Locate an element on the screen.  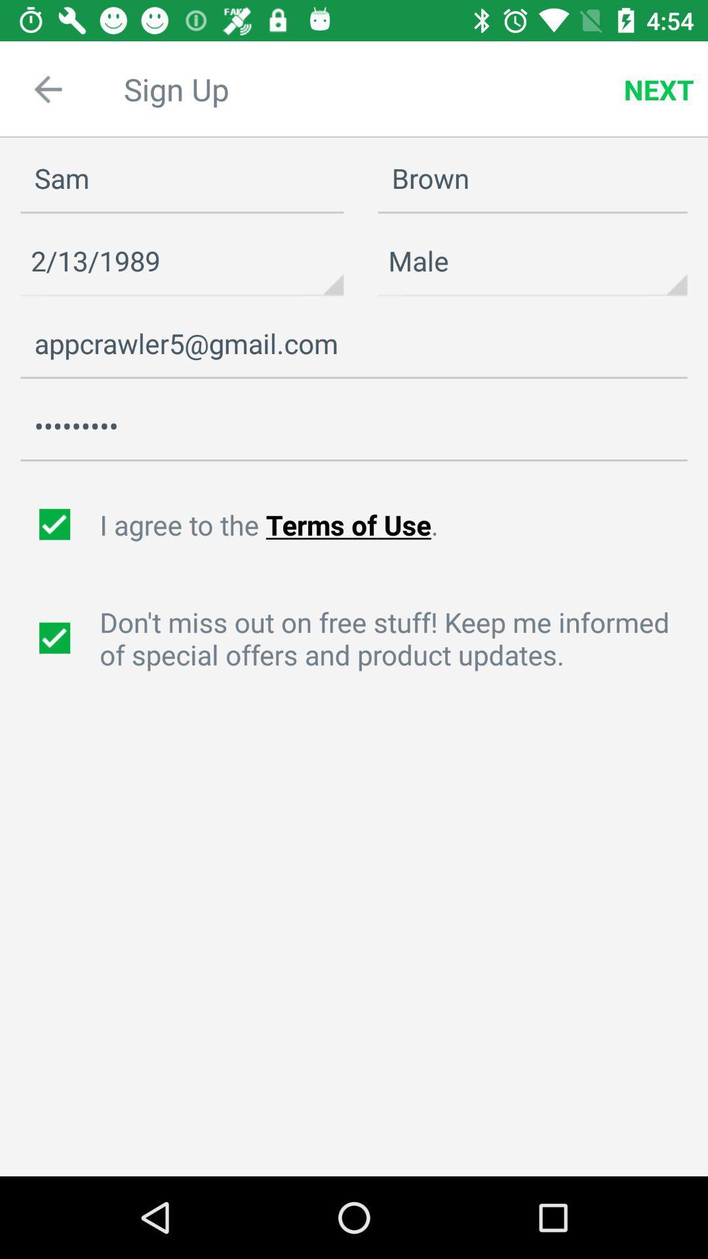
item below the crowd3116 is located at coordinates (396, 525).